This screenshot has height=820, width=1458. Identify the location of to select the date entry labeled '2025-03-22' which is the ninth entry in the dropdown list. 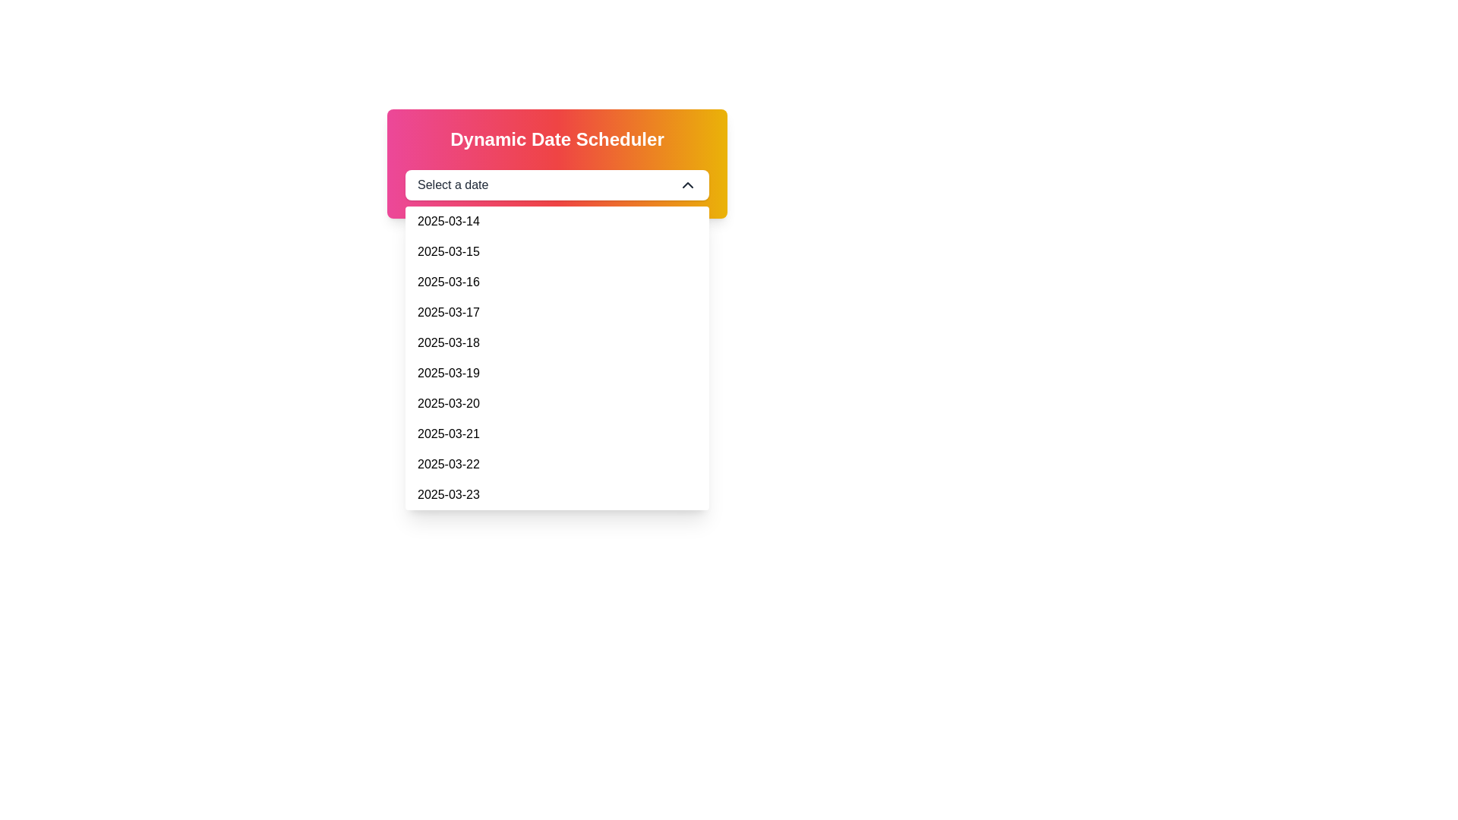
(447, 464).